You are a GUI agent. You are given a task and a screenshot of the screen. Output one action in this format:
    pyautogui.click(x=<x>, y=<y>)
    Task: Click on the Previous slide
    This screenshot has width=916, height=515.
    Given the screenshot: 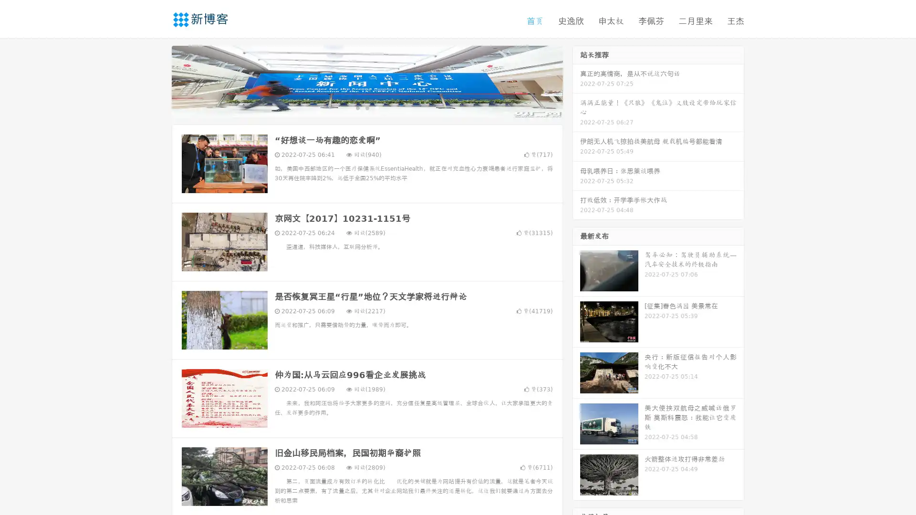 What is the action you would take?
    pyautogui.click(x=157, y=80)
    